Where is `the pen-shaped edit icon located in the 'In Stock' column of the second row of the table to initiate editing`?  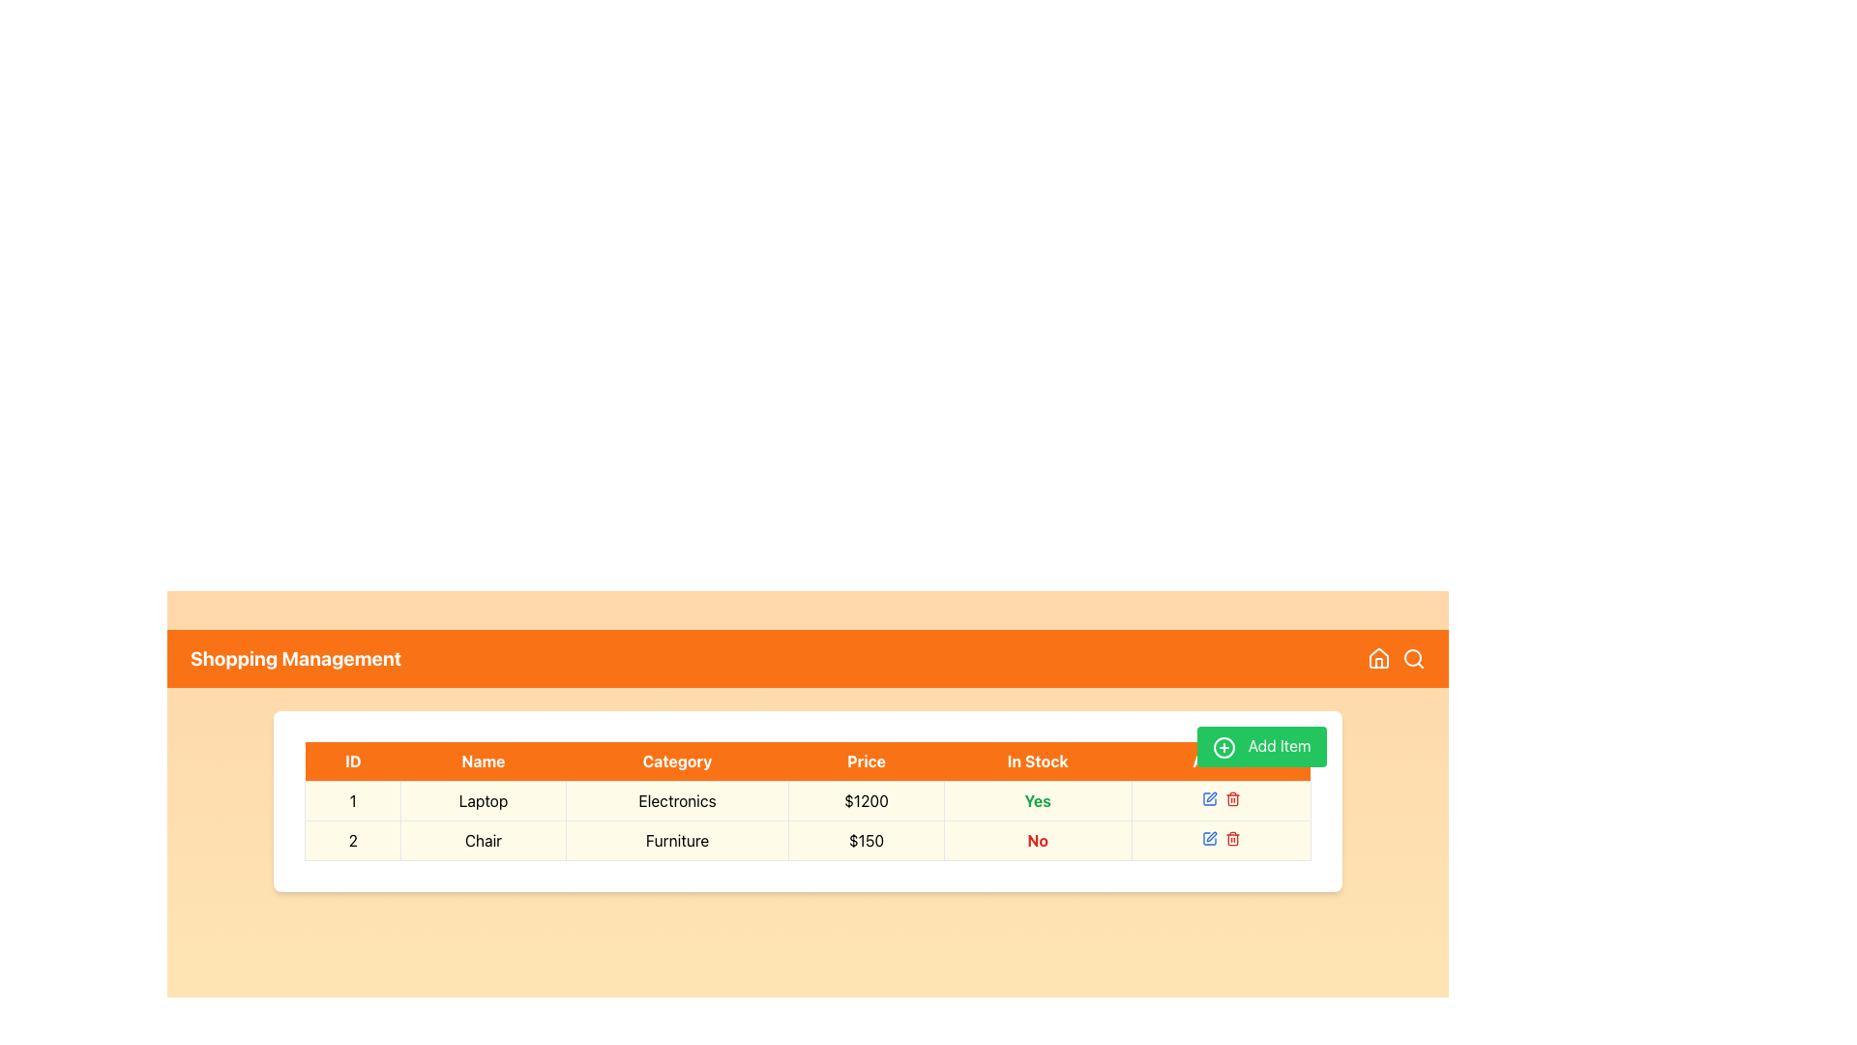 the pen-shaped edit icon located in the 'In Stock' column of the second row of the table to initiate editing is located at coordinates (1210, 835).